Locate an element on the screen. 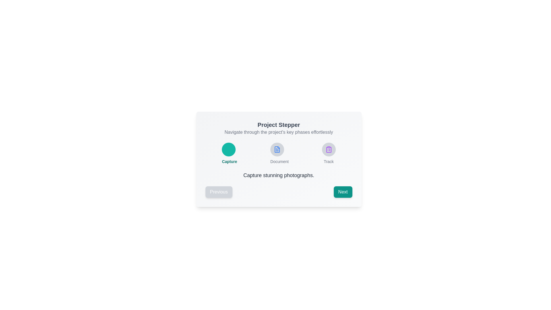 The image size is (551, 310). the step icon for Capture is located at coordinates (228, 149).